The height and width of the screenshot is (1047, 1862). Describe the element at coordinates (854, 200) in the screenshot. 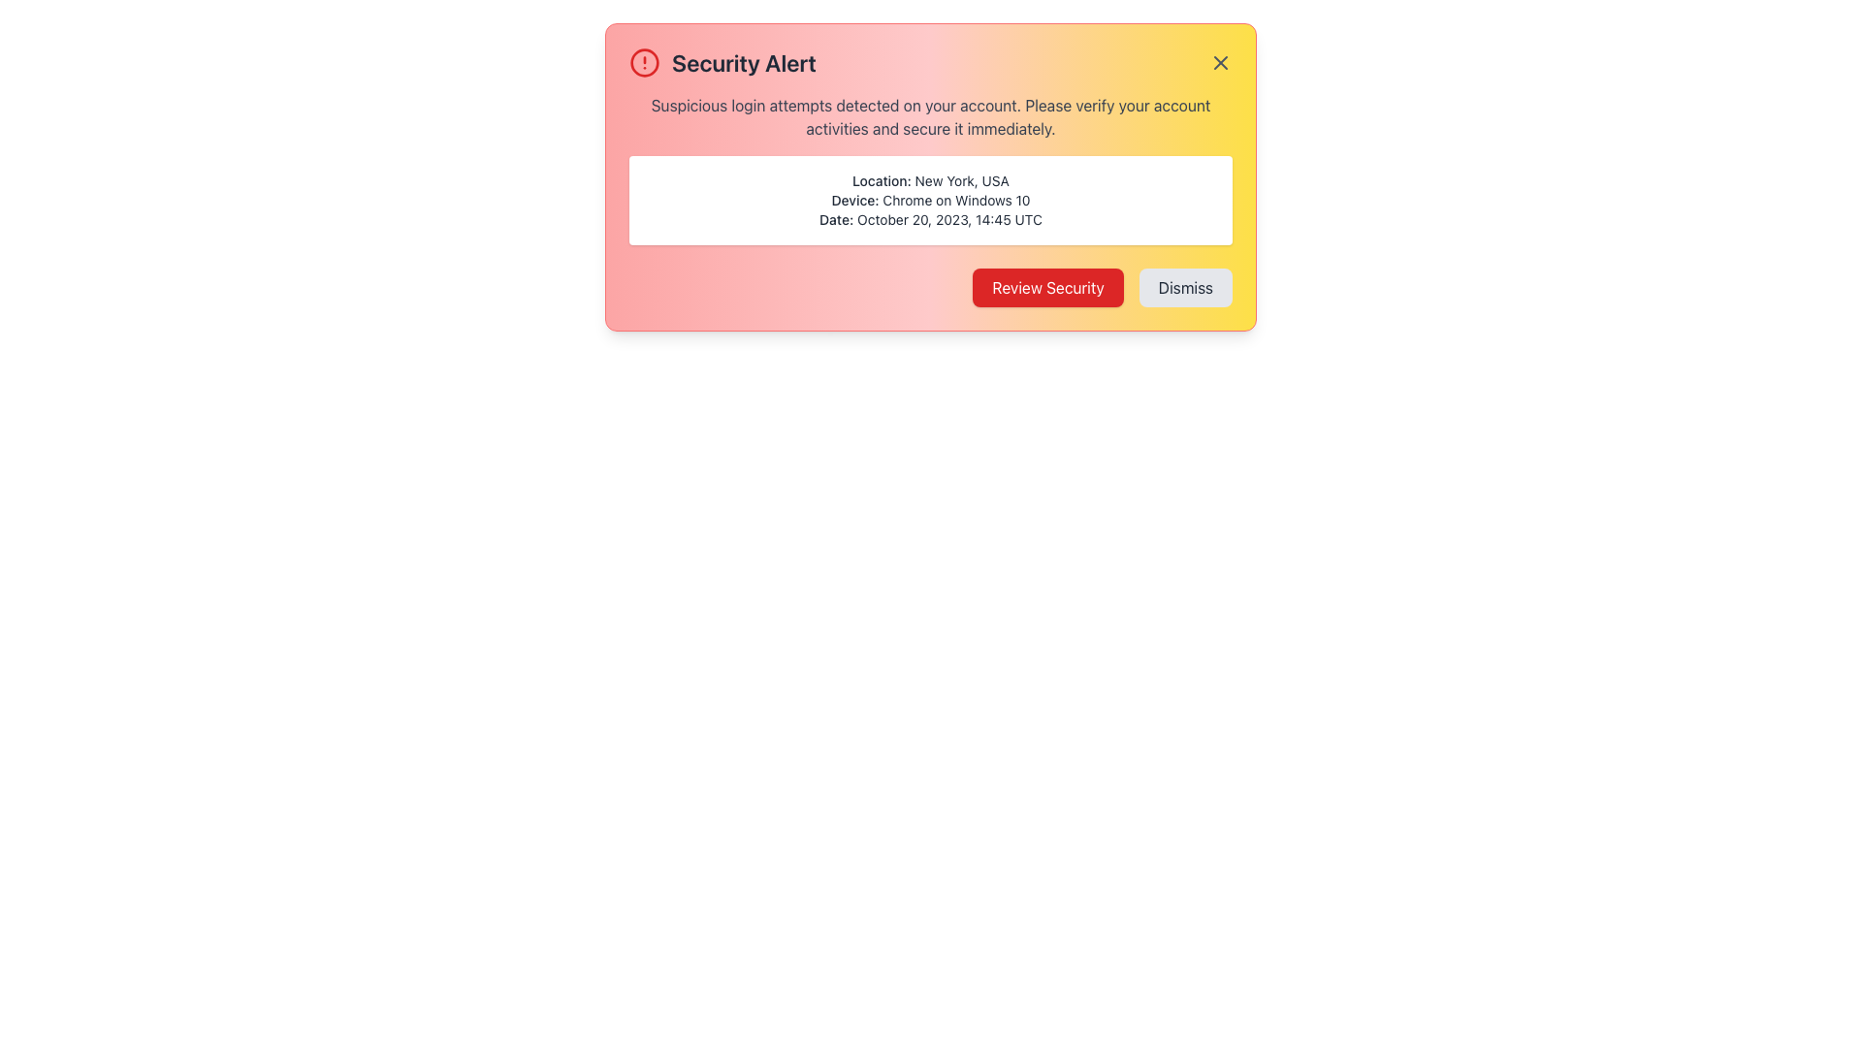

I see `Text label that identifies the device information, which precedes 'Chrome on Windows 10' in the notification dialog box` at that location.